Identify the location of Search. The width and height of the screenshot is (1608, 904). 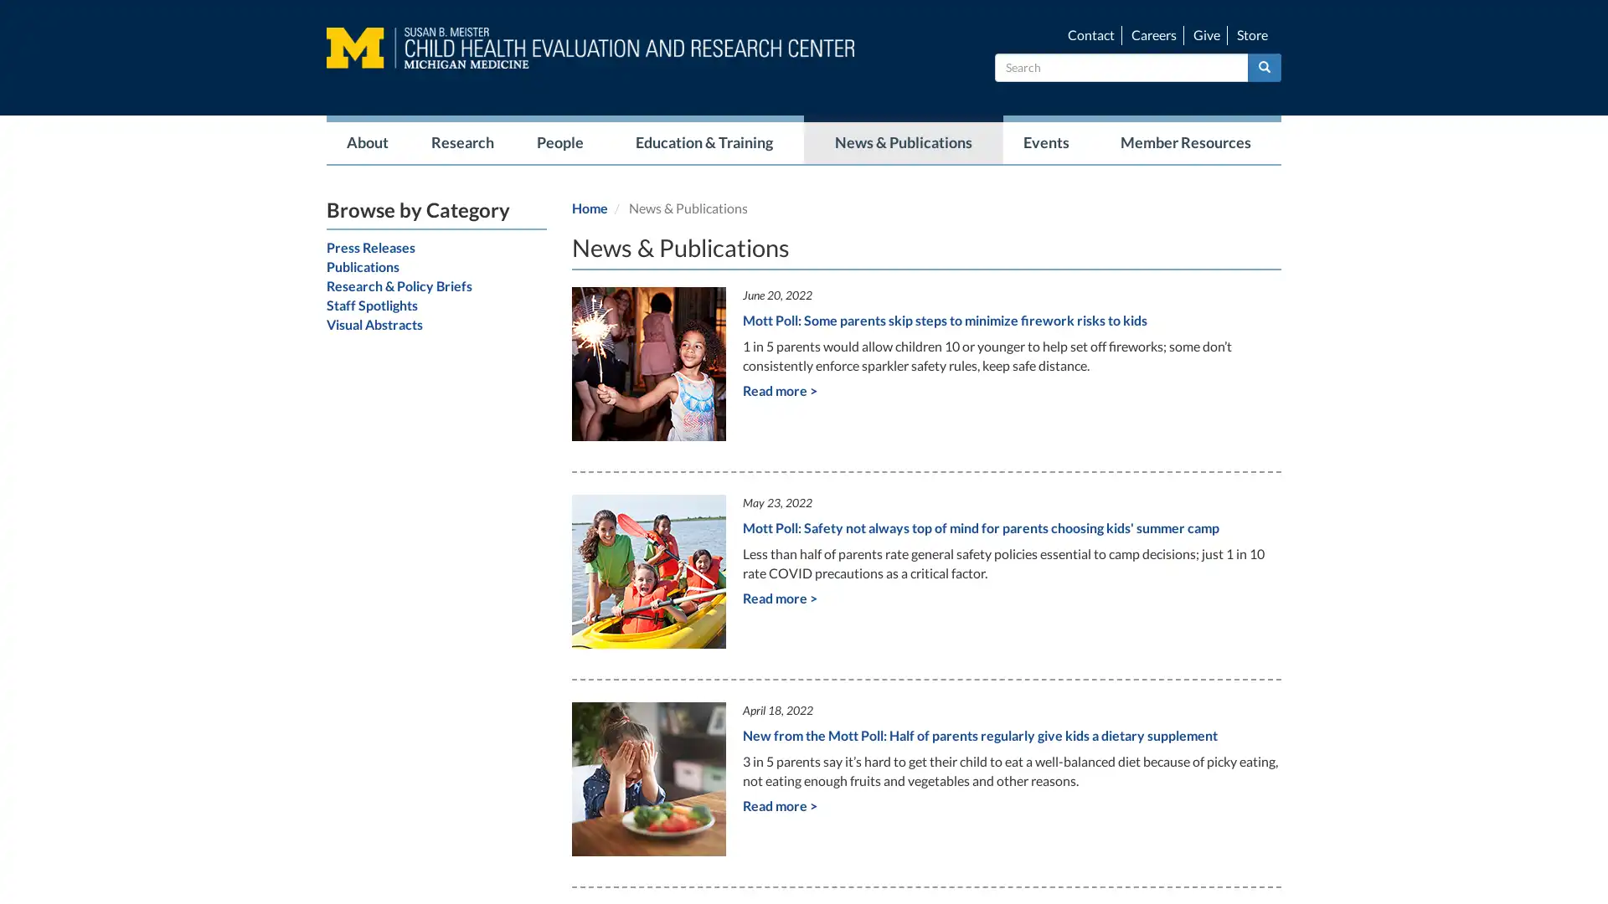
(1265, 66).